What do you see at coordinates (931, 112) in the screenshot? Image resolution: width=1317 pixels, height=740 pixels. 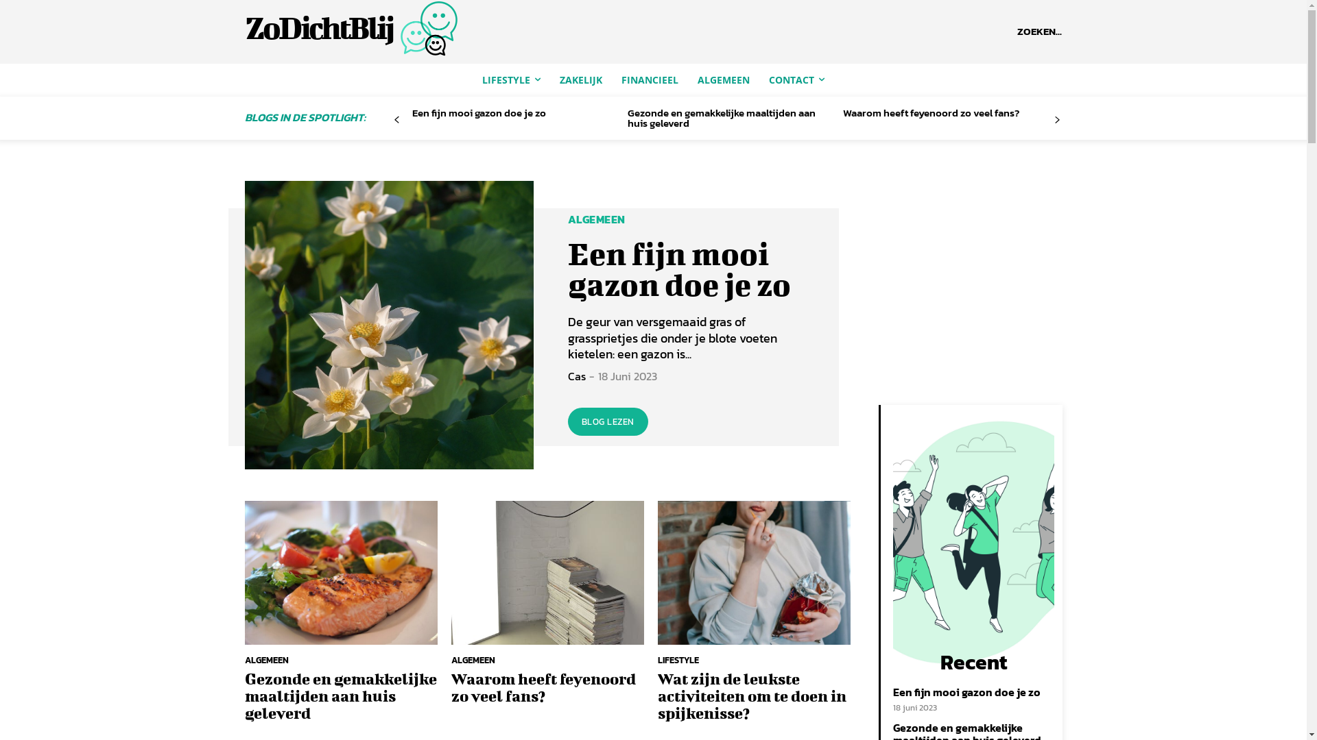 I see `'Waarom heeft feyenoord zo veel fans?'` at bounding box center [931, 112].